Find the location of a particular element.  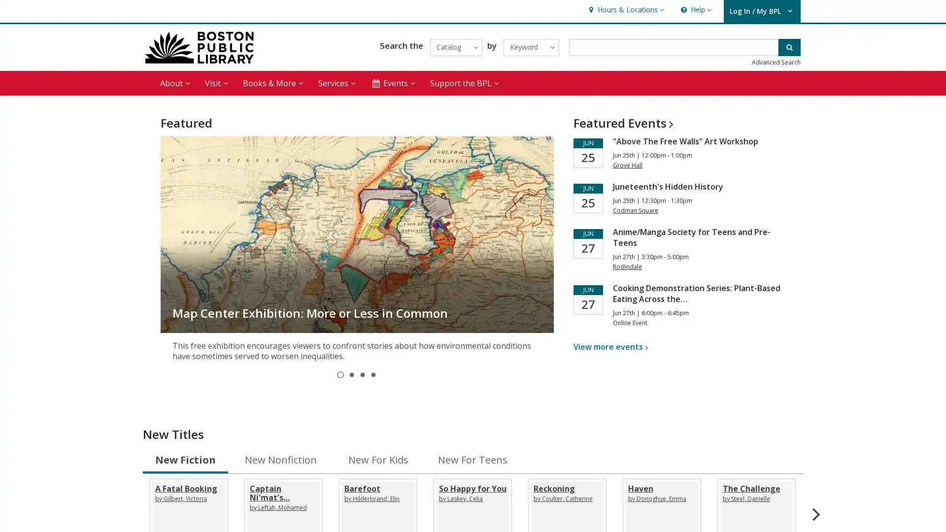

View item 2 is located at coordinates (351, 374).